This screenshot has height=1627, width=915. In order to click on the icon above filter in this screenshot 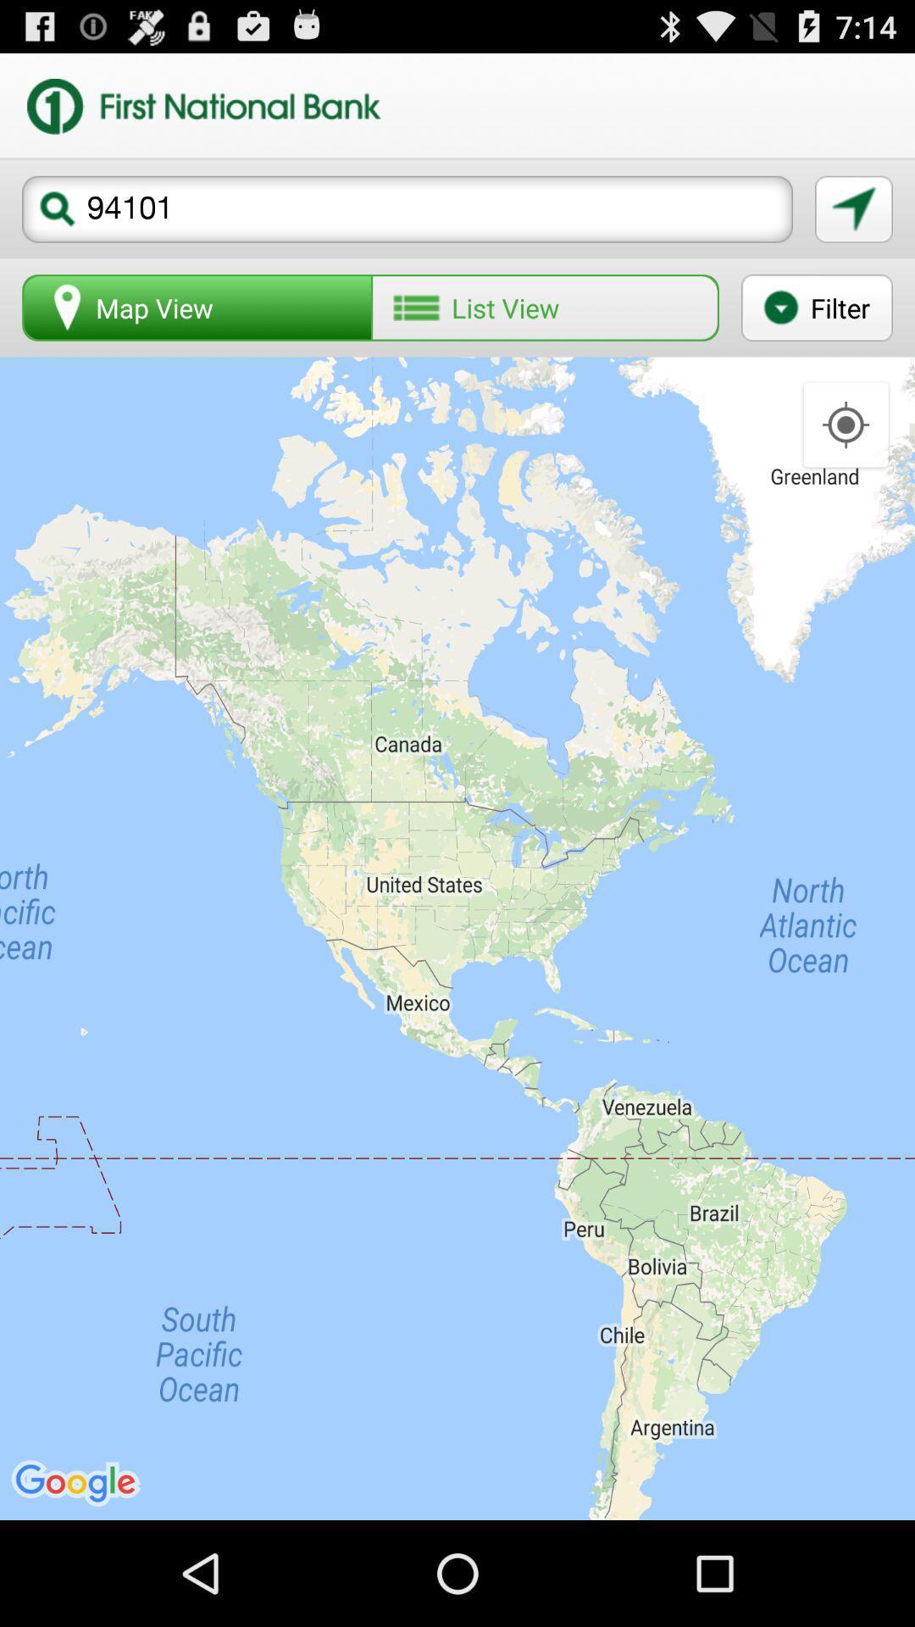, I will do `click(853, 208)`.